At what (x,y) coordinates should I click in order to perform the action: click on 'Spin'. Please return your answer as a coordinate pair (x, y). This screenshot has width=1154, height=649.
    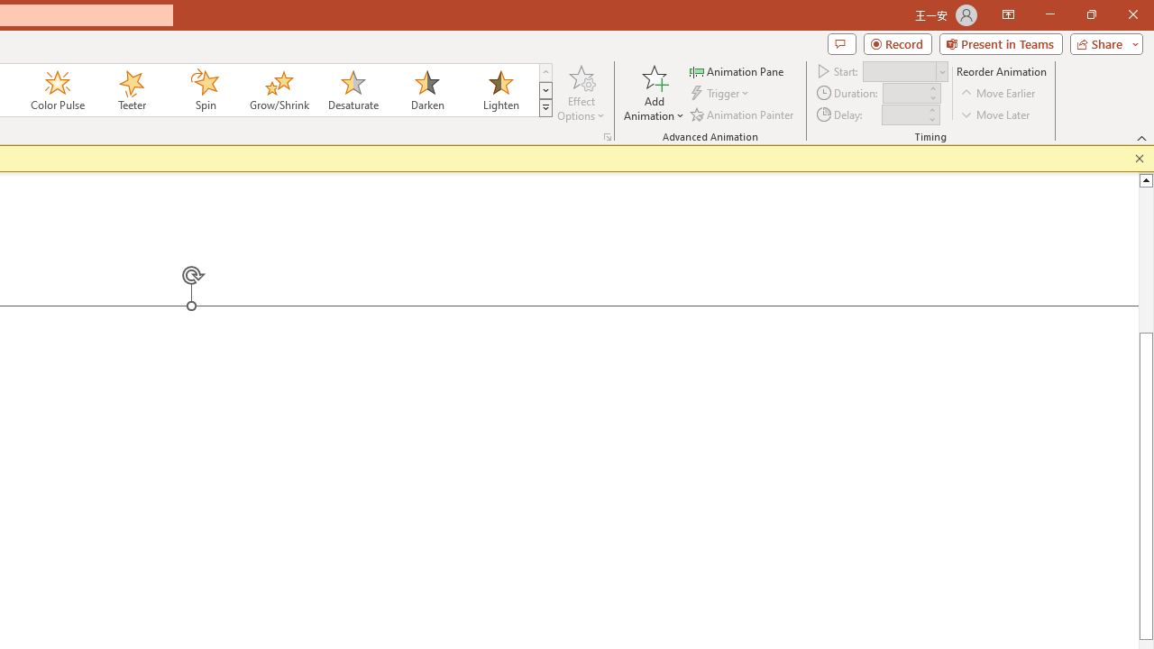
    Looking at the image, I should click on (205, 90).